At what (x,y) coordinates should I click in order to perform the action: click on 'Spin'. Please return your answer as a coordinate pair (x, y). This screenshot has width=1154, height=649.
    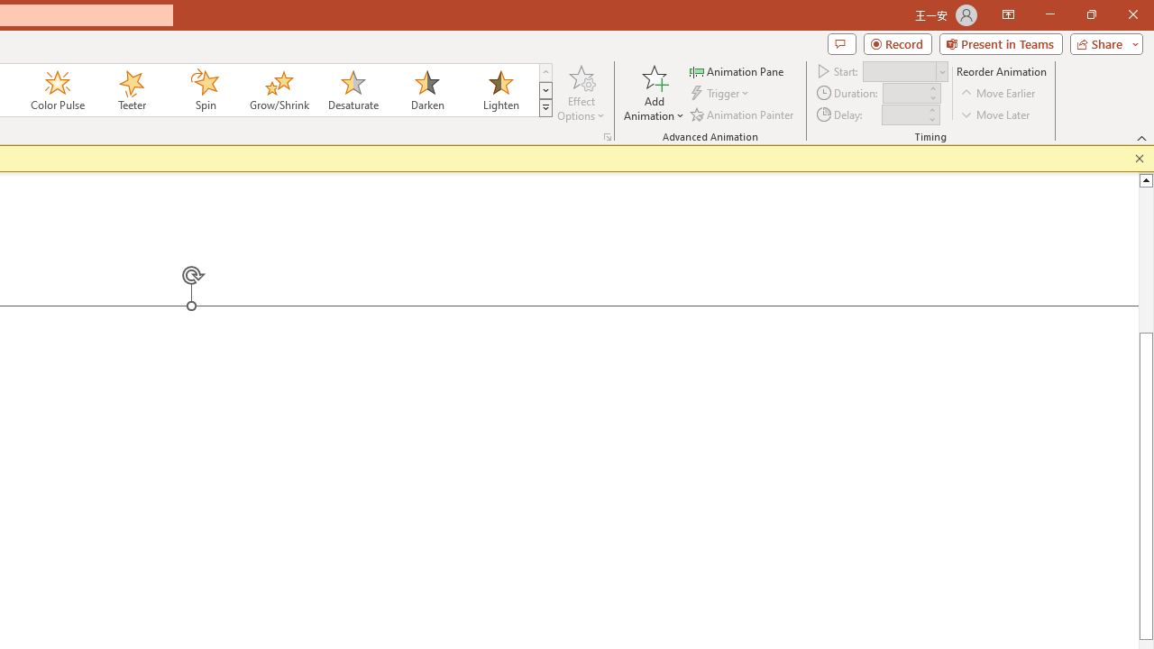
    Looking at the image, I should click on (205, 90).